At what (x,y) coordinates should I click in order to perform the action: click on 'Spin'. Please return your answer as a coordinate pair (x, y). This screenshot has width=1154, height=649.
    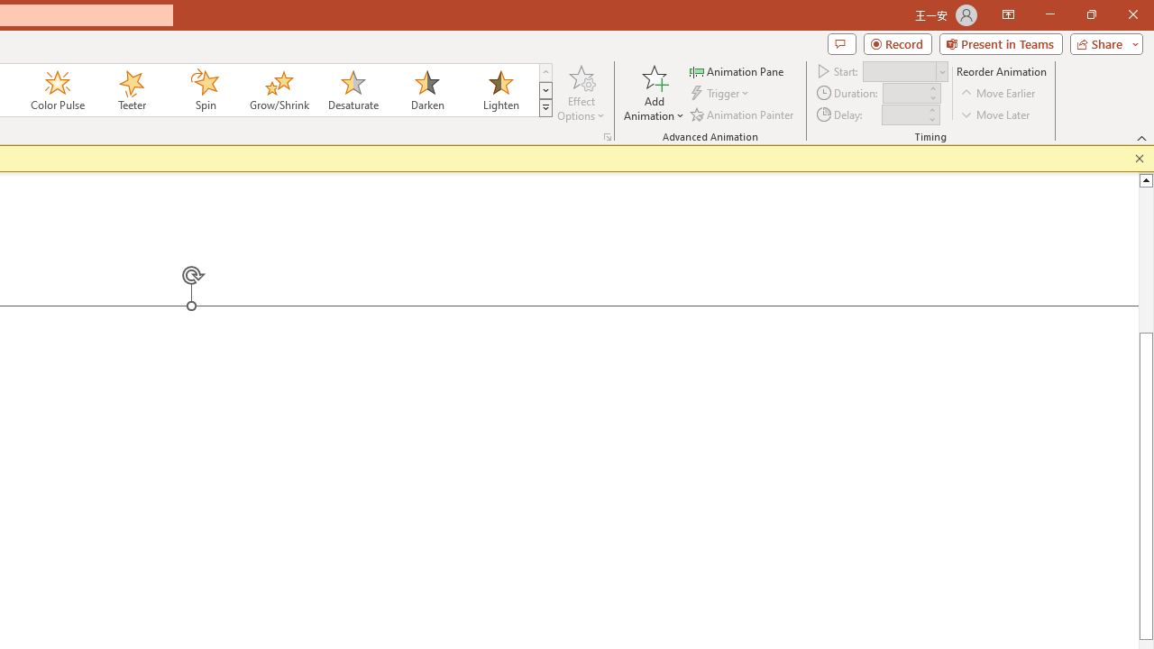
    Looking at the image, I should click on (205, 90).